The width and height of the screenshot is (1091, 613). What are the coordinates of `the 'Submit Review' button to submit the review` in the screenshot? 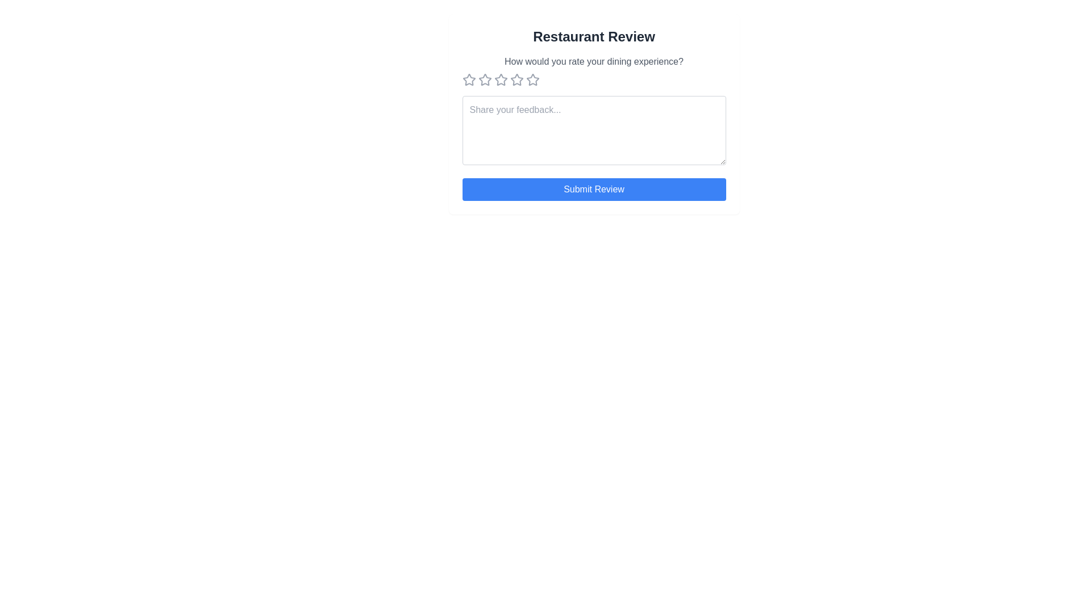 It's located at (593, 189).